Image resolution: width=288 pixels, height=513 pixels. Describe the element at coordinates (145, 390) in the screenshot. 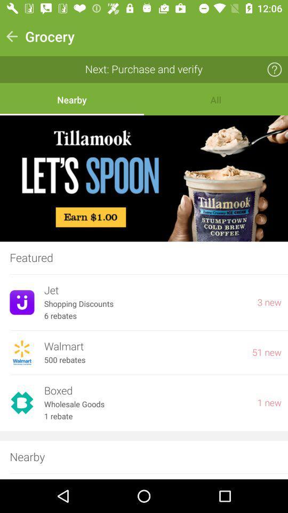

I see `item to the left of 1 new` at that location.